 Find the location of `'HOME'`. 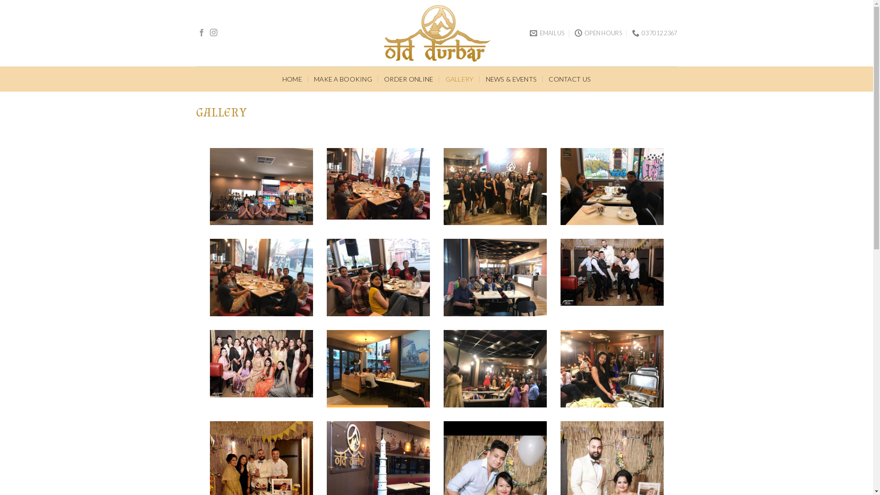

'HOME' is located at coordinates (291, 78).